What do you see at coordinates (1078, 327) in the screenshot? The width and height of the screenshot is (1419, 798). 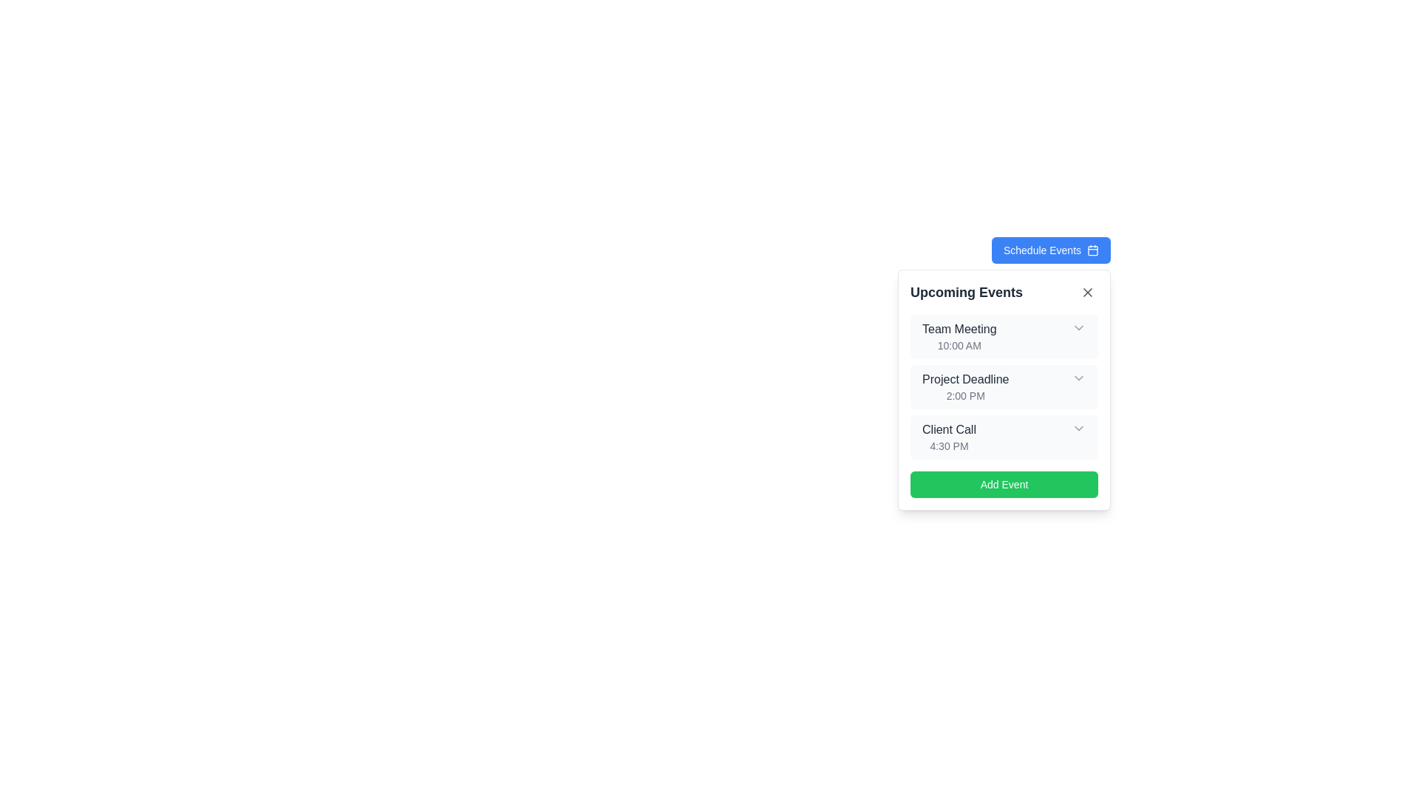 I see `the downward-pointing chevron icon representing a dropdown toggle` at bounding box center [1078, 327].